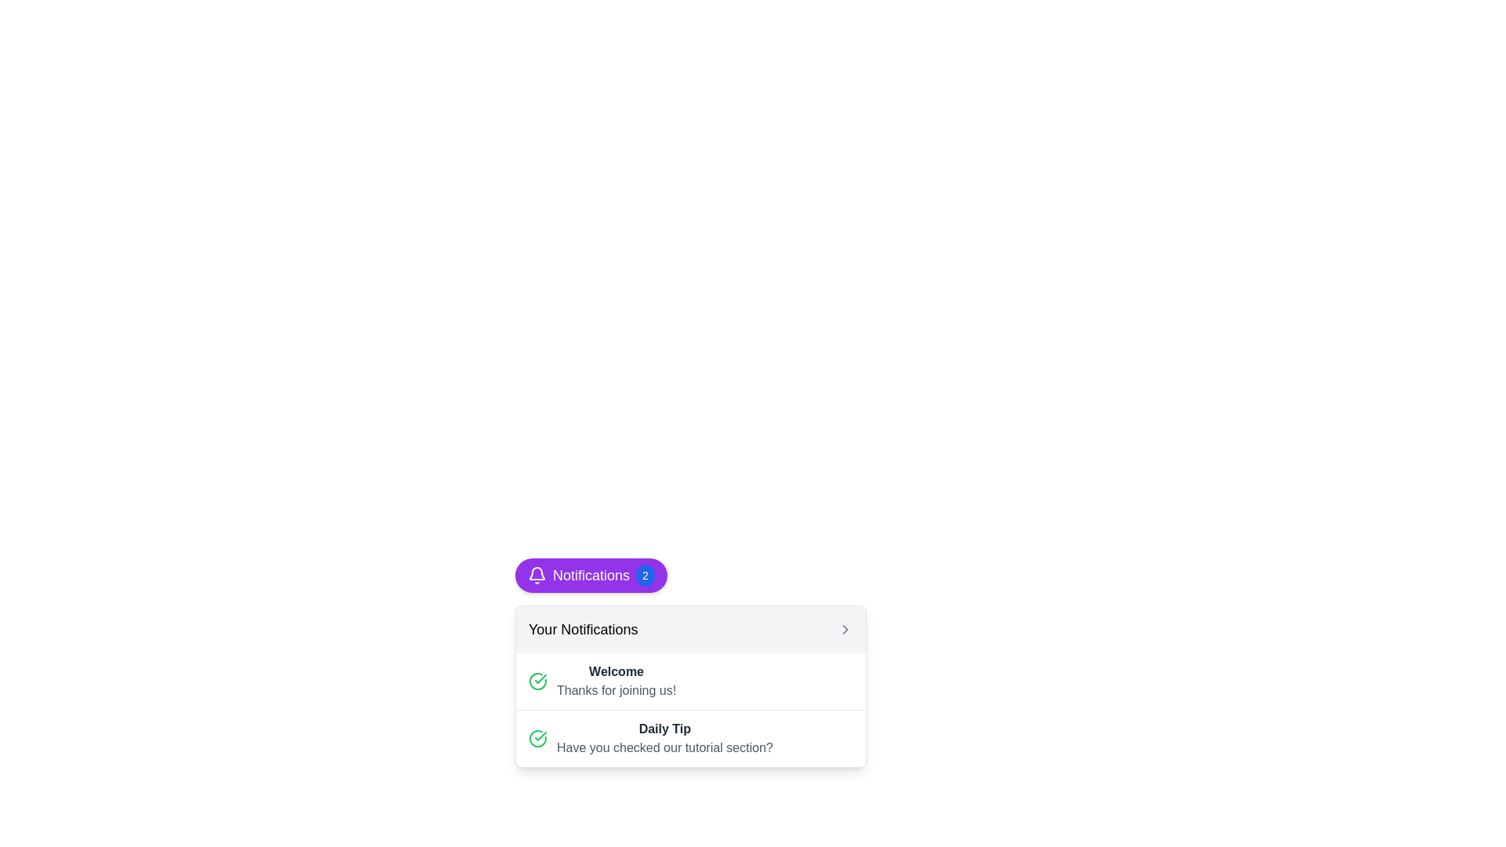 The height and width of the screenshot is (847, 1506). What do you see at coordinates (690, 738) in the screenshot?
I see `notification entry labeled 'Daily Tip' which contains the message 'Have you checked our tutorial section?'` at bounding box center [690, 738].